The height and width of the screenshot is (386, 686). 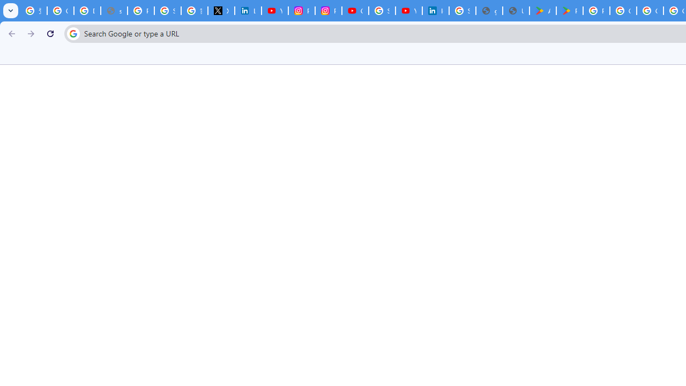 What do you see at coordinates (140, 11) in the screenshot?
I see `'Privacy Help Center - Policies Help'` at bounding box center [140, 11].